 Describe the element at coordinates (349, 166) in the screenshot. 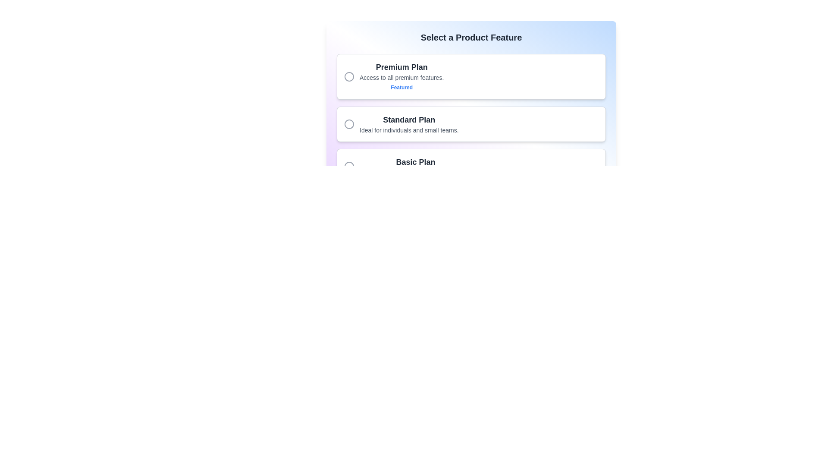

I see `circular element within the SVG that represents a radio button, located towards the bottom-left of the 'Basic Plan' option` at that location.